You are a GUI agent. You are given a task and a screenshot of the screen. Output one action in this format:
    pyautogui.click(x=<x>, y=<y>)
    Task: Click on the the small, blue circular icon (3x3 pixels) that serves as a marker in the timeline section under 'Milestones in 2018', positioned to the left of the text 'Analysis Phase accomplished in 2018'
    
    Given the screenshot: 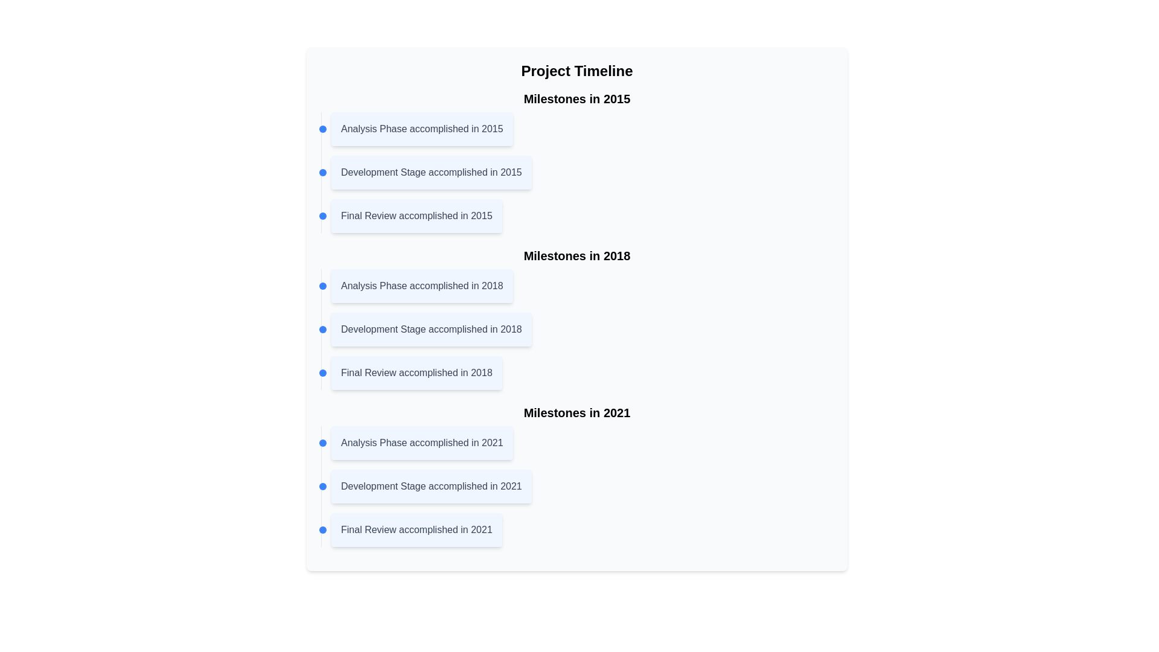 What is the action you would take?
    pyautogui.click(x=322, y=286)
    